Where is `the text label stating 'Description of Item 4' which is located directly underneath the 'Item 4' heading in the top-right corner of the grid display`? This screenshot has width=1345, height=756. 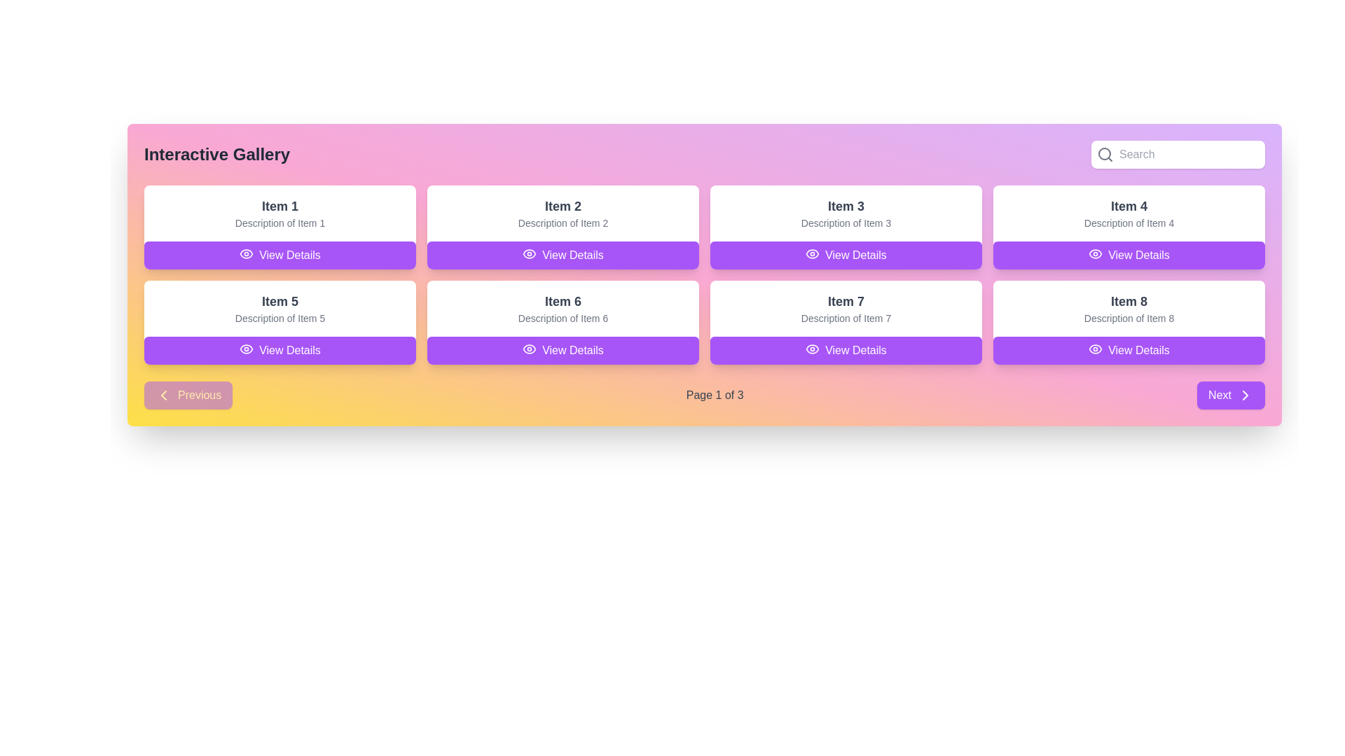
the text label stating 'Description of Item 4' which is located directly underneath the 'Item 4' heading in the top-right corner of the grid display is located at coordinates (1129, 223).